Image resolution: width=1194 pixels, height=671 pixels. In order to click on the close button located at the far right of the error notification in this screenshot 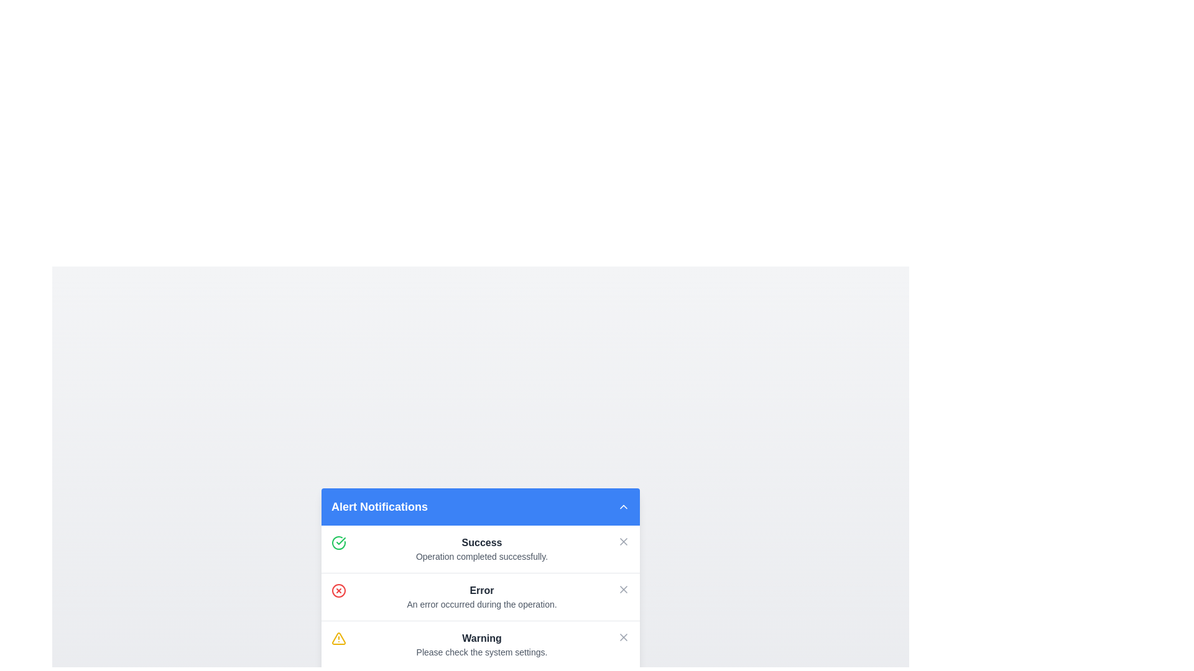, I will do `click(624, 588)`.